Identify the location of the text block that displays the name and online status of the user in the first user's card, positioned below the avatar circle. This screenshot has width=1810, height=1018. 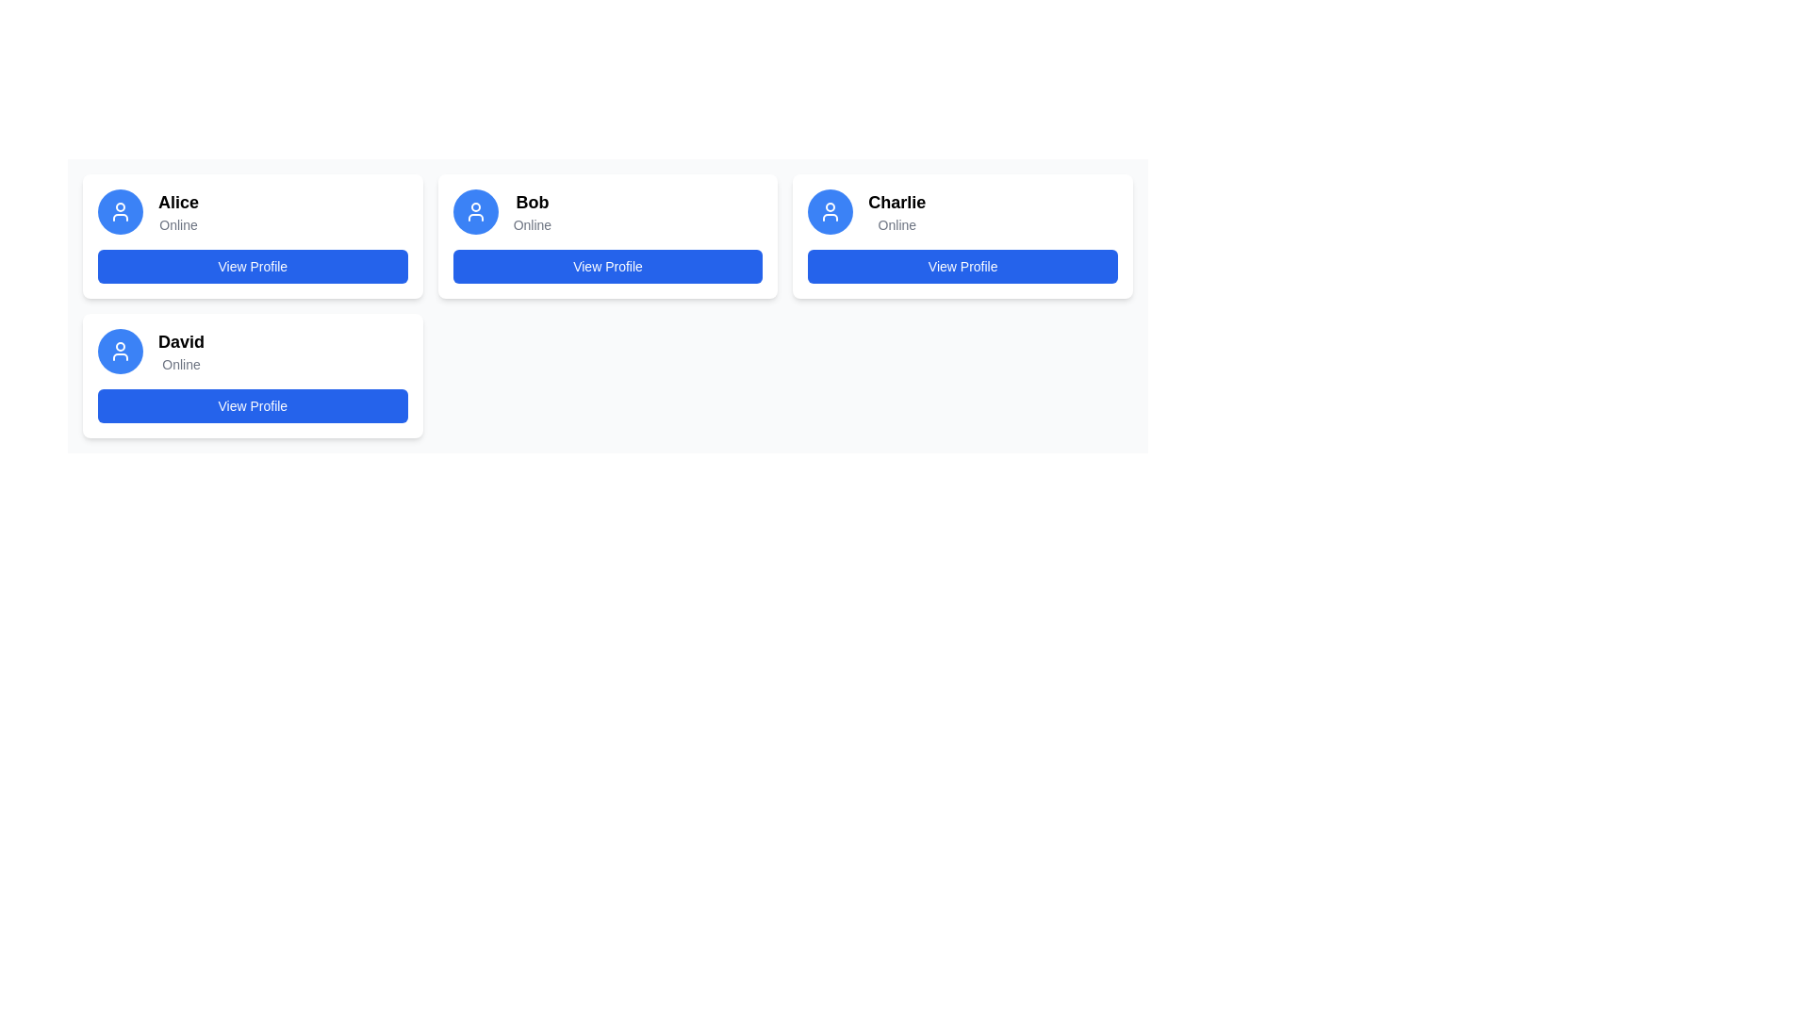
(178, 211).